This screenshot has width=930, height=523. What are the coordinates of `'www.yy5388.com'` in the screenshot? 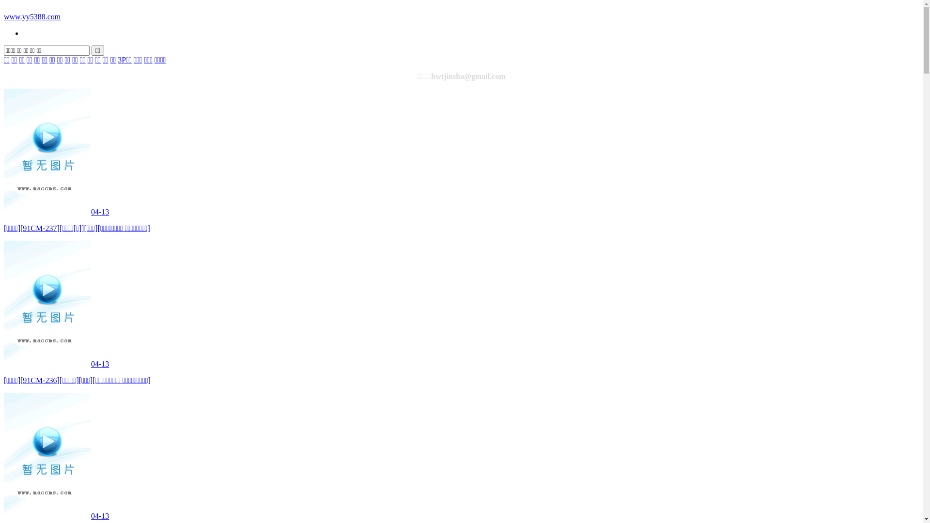 It's located at (32, 16).